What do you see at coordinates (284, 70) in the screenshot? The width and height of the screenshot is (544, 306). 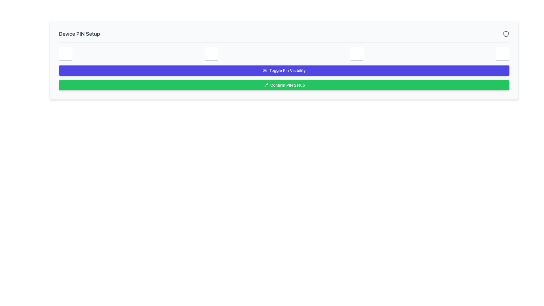 I see `the button located below the PIN input fields` at bounding box center [284, 70].